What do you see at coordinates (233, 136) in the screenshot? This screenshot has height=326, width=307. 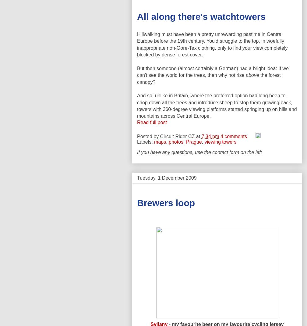 I see `'4
comments'` at bounding box center [233, 136].